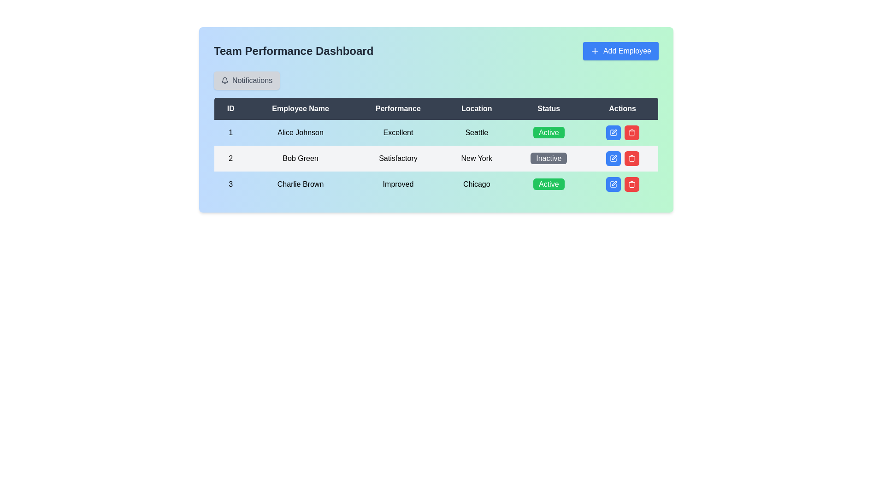 This screenshot has height=498, width=885. Describe the element at coordinates (613, 133) in the screenshot. I see `the square-shaped pen icon button in the 'Actions' column, second row for Bob Green` at that location.